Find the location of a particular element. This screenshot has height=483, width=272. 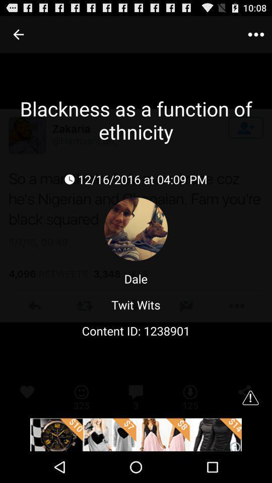

the warning icon is located at coordinates (250, 425).